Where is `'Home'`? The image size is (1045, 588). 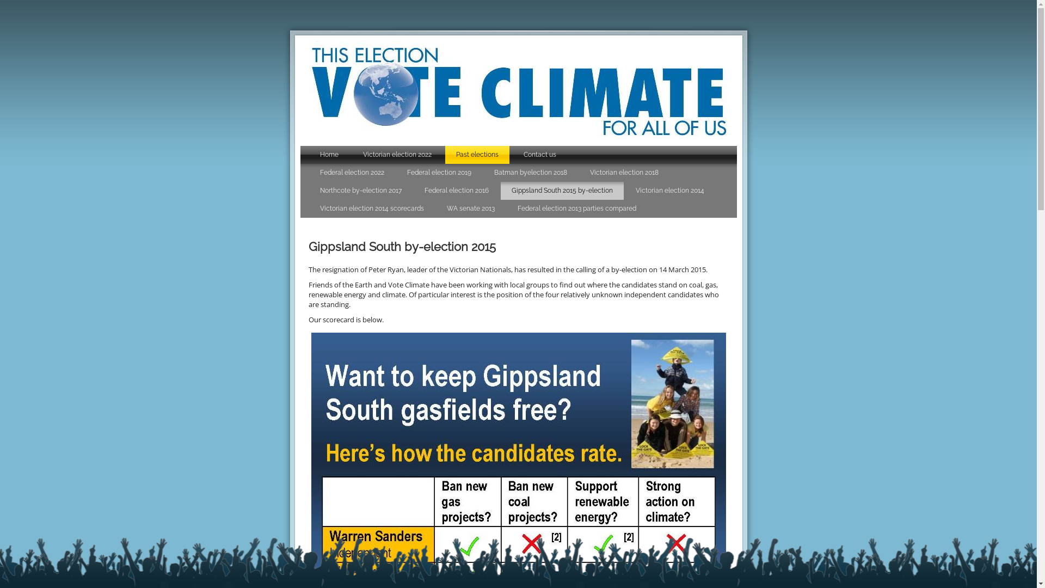 'Home' is located at coordinates (328, 155).